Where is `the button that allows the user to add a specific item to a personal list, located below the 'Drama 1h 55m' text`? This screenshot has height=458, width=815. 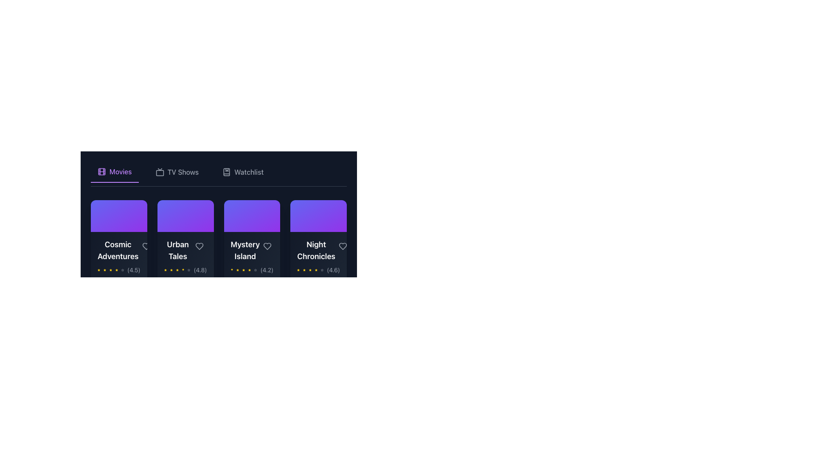
the button that allows the user to add a specific item to a personal list, located below the 'Drama 1h 55m' text is located at coordinates (185, 319).